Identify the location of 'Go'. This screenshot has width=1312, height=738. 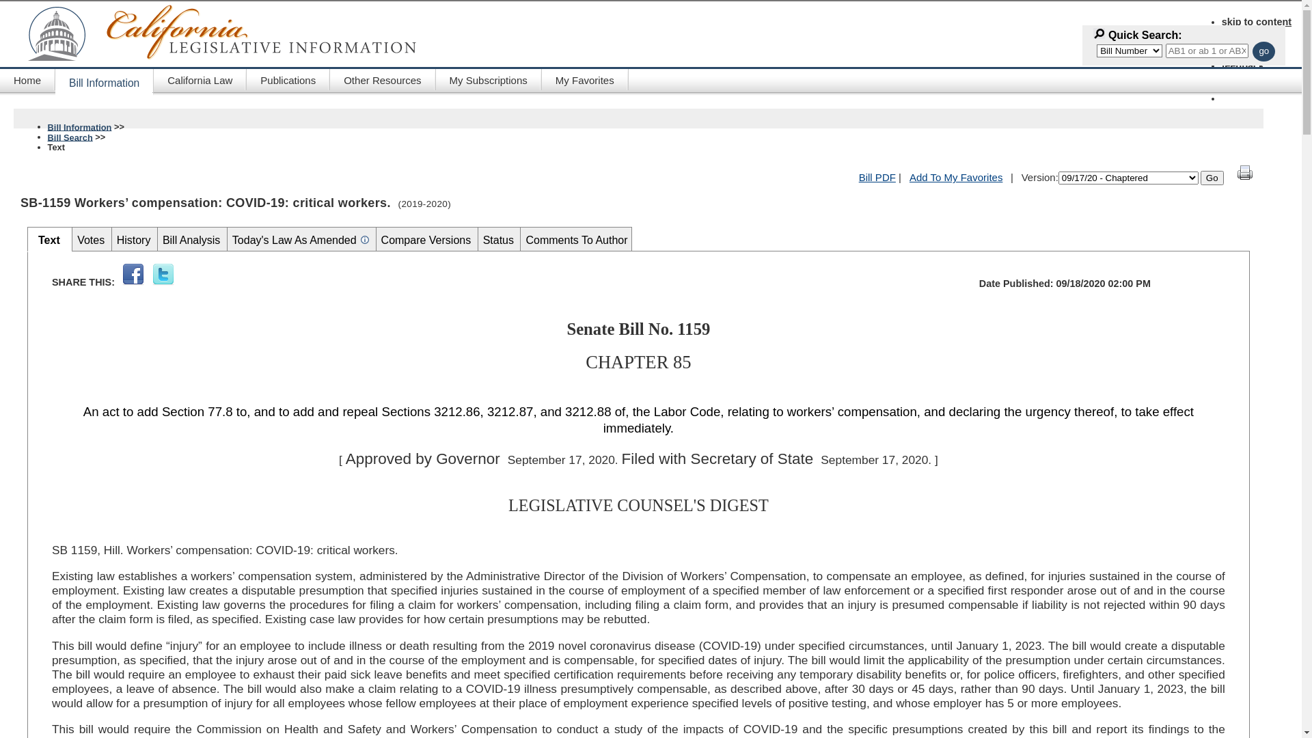
(1212, 177).